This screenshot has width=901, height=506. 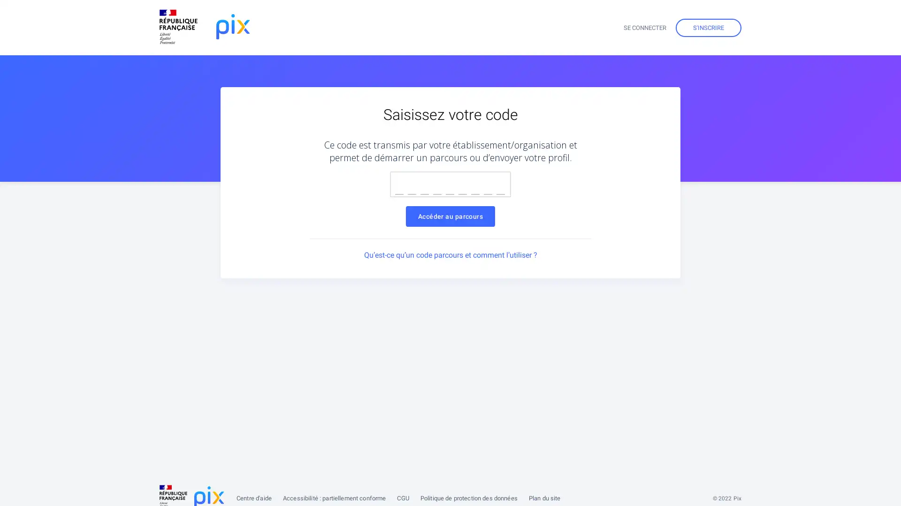 What do you see at coordinates (450, 216) in the screenshot?
I see `Acceder au parcours` at bounding box center [450, 216].